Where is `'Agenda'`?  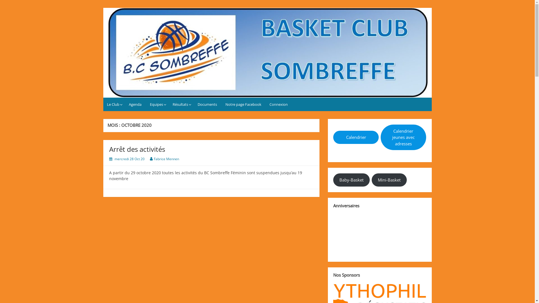
'Agenda' is located at coordinates (135, 104).